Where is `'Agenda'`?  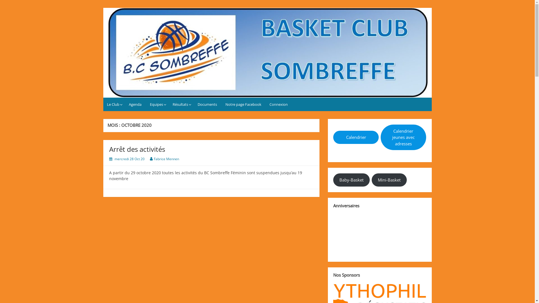
'Agenda' is located at coordinates (135, 104).